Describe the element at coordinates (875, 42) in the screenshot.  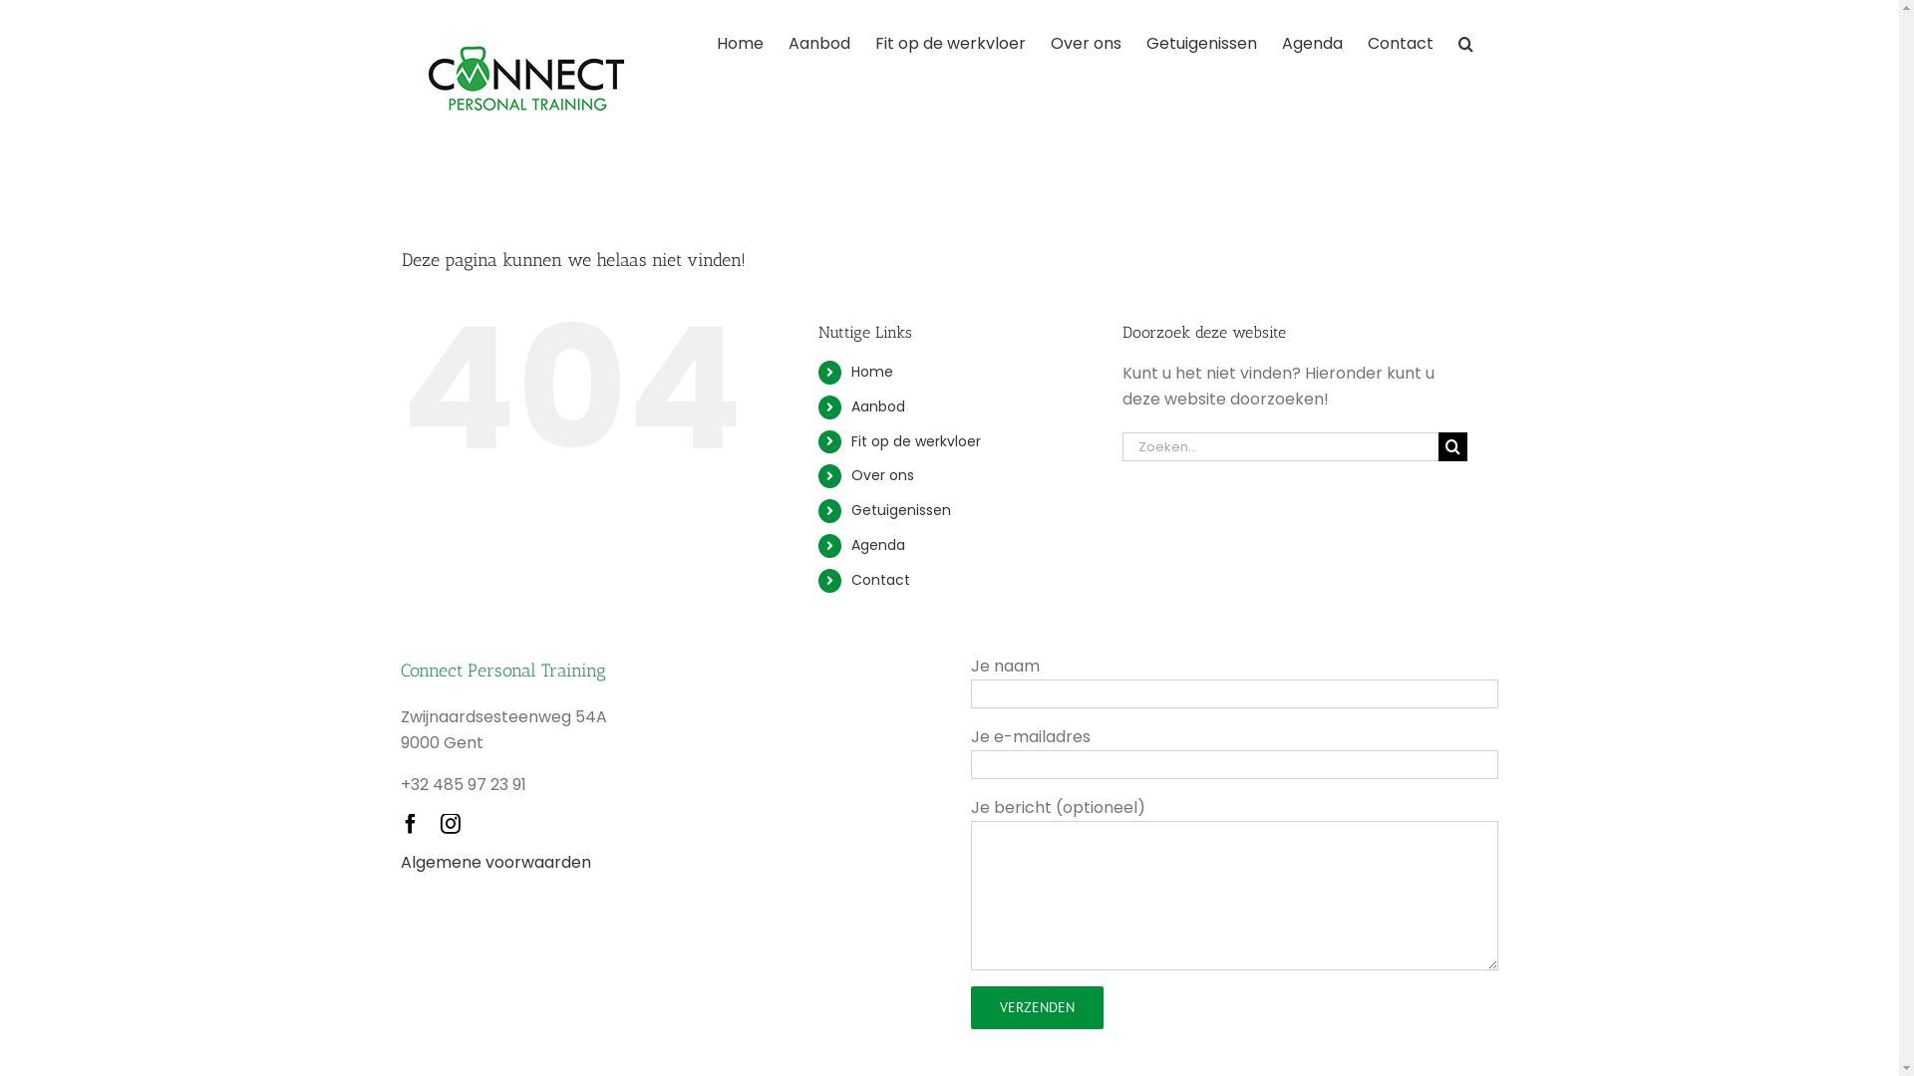
I see `'Fit op de werkvloer'` at that location.